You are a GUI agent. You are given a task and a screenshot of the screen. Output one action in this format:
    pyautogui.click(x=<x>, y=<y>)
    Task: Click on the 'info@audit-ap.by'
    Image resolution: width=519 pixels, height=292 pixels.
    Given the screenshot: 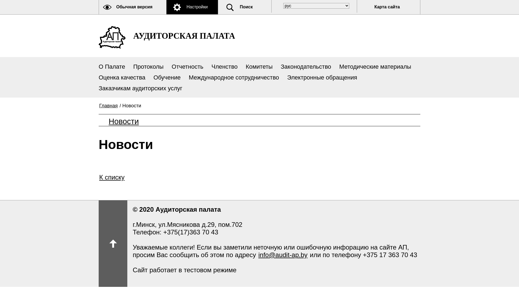 What is the action you would take?
    pyautogui.click(x=282, y=255)
    